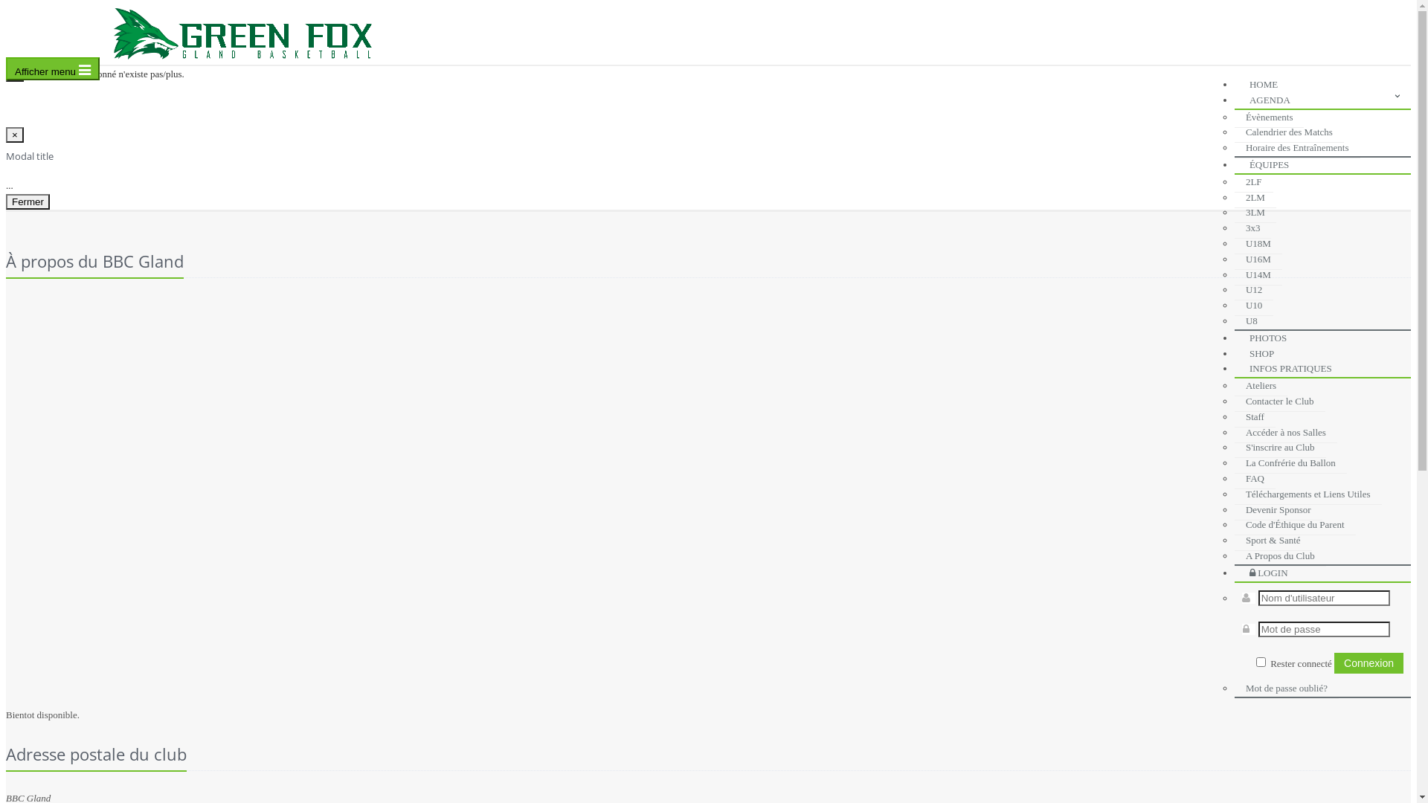 The height and width of the screenshot is (803, 1428). What do you see at coordinates (1264, 352) in the screenshot?
I see `'SHOP'` at bounding box center [1264, 352].